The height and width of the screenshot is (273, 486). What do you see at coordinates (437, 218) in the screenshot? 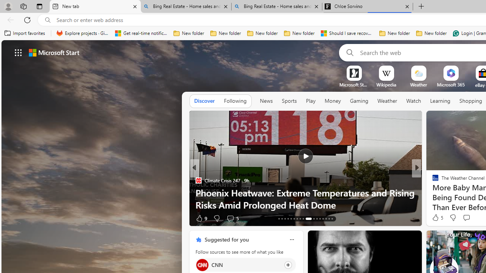
I see `'146 Like'` at bounding box center [437, 218].